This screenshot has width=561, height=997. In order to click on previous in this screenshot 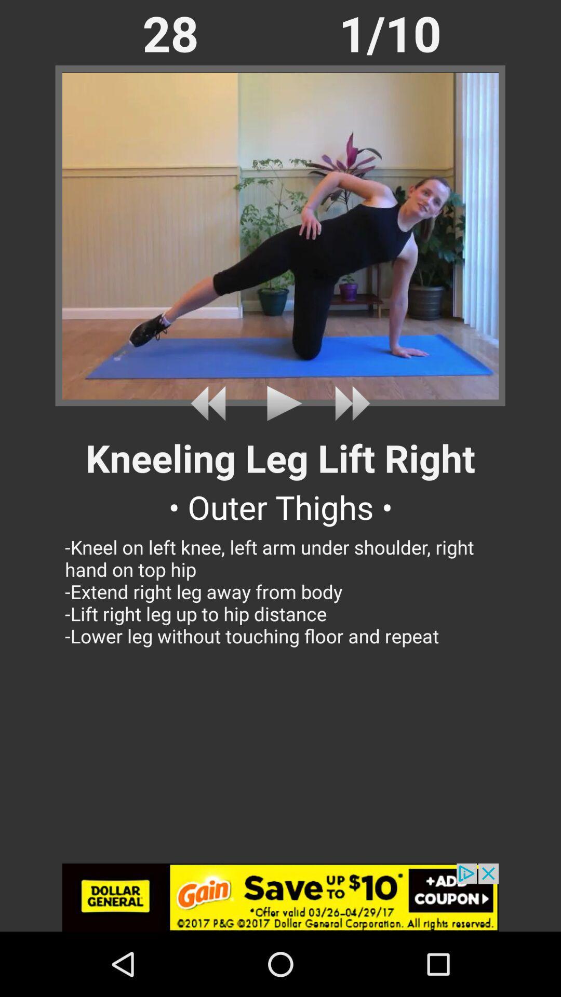, I will do `click(211, 403)`.